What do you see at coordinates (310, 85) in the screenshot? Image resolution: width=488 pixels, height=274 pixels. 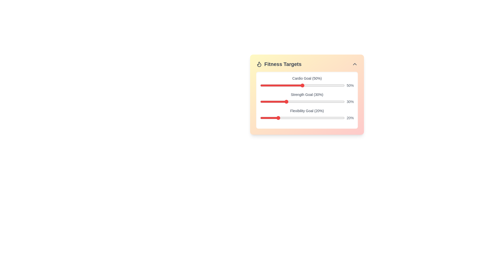 I see `the cardio goal slider to 59%` at bounding box center [310, 85].